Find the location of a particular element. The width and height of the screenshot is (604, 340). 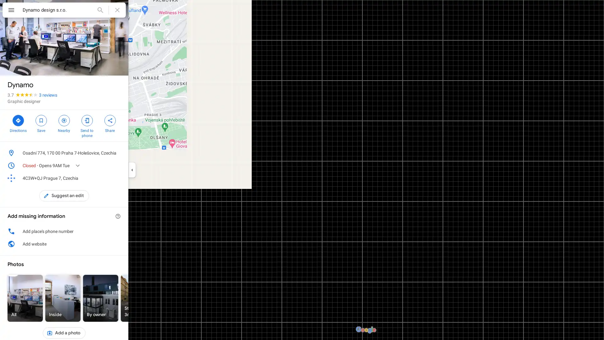

Graphic designer is located at coordinates (24, 101).